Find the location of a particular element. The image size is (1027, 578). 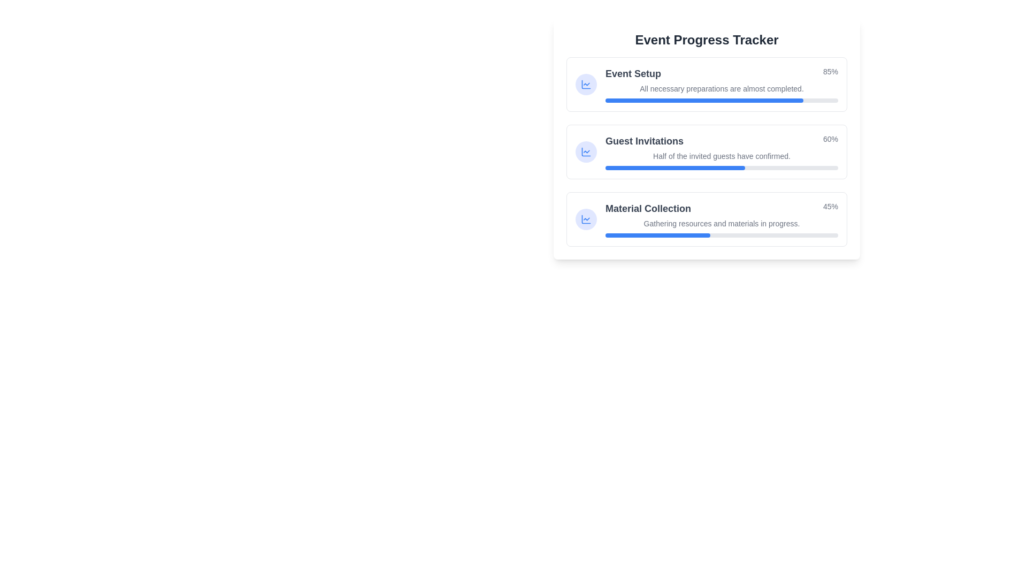

the circular icon with a pale indigo background and a blue line chart symbol located in the 'Event Setup' section of the progress tracker, adjacent to the title 'Event Setup' is located at coordinates (585, 84).